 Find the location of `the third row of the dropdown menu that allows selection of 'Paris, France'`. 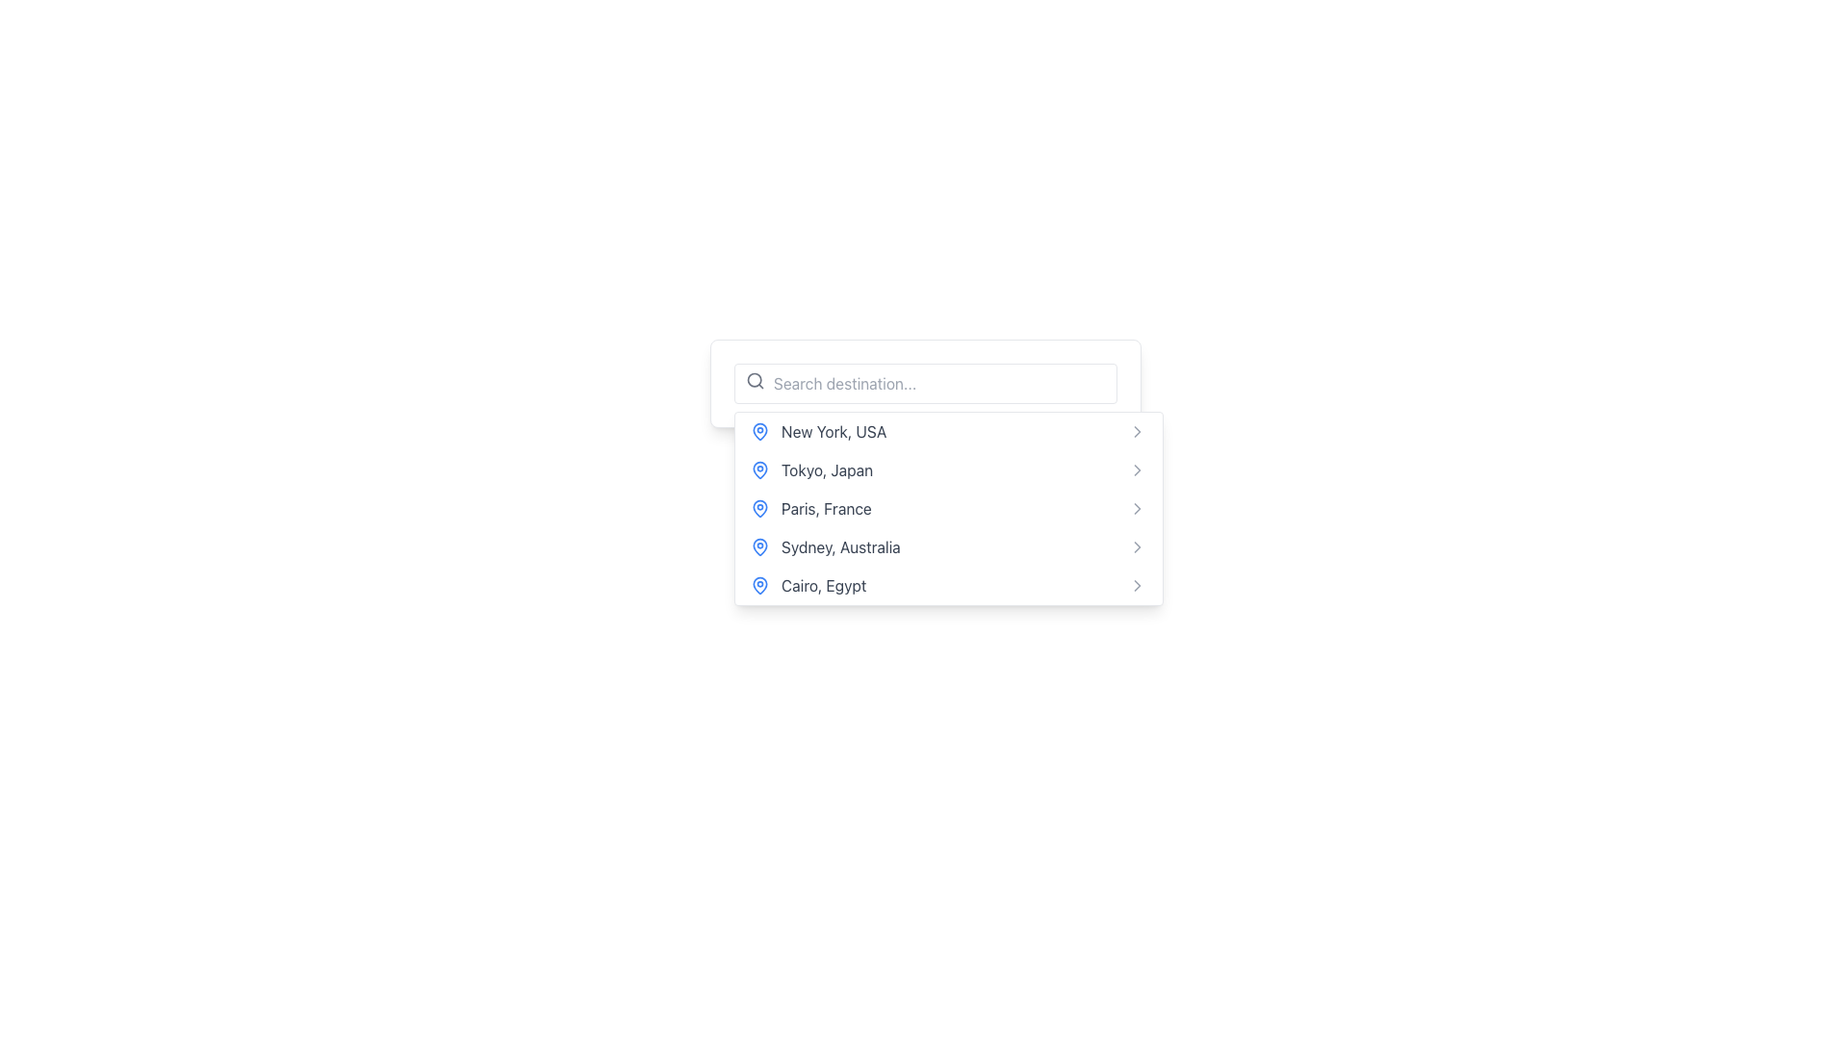

the third row of the dropdown menu that allows selection of 'Paris, France' is located at coordinates (948, 507).